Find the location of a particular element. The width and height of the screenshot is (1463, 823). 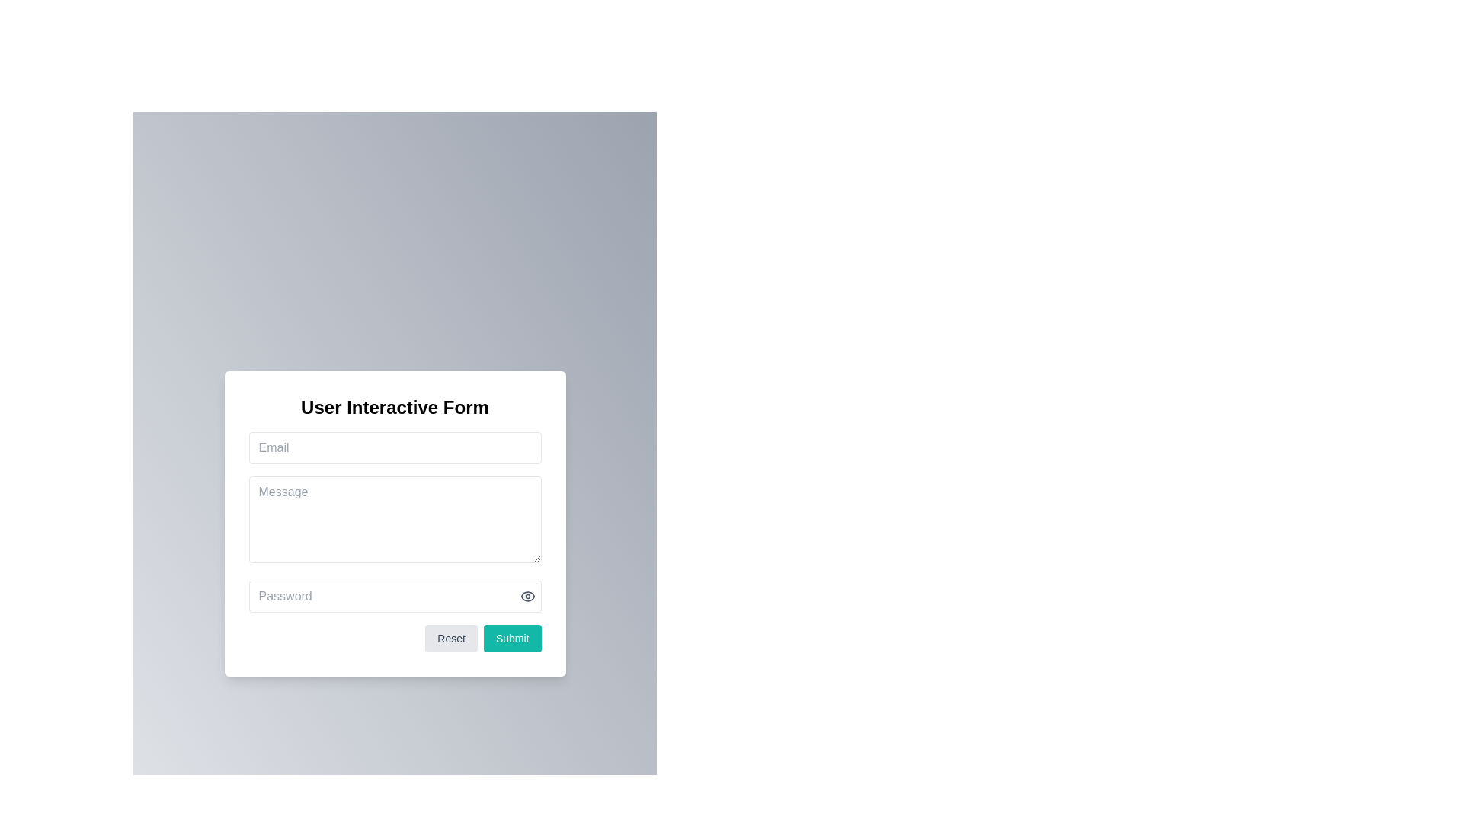

the 'Reset' button, which is the first button from the left in the horizontal alignment at the bottom of the 'User Interactive Form.' is located at coordinates (450, 638).